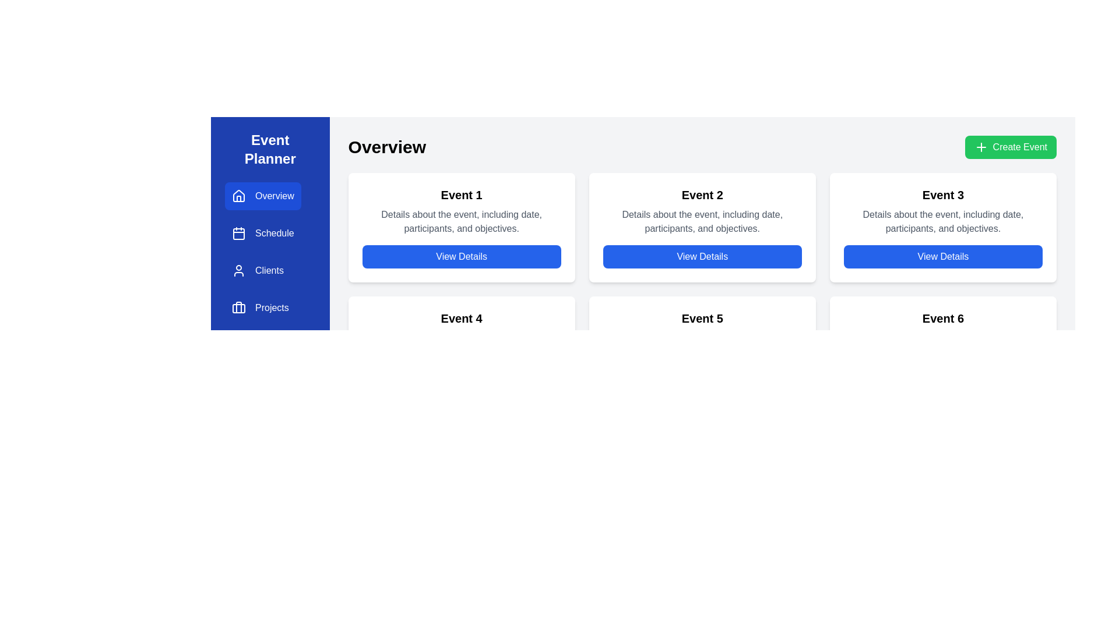 This screenshot has height=629, width=1119. What do you see at coordinates (262, 195) in the screenshot?
I see `the 'Overview' button, which is a rectangular button with a blue background and a white house icon, located in the vertical navigation menu on the left side of the interface` at bounding box center [262, 195].